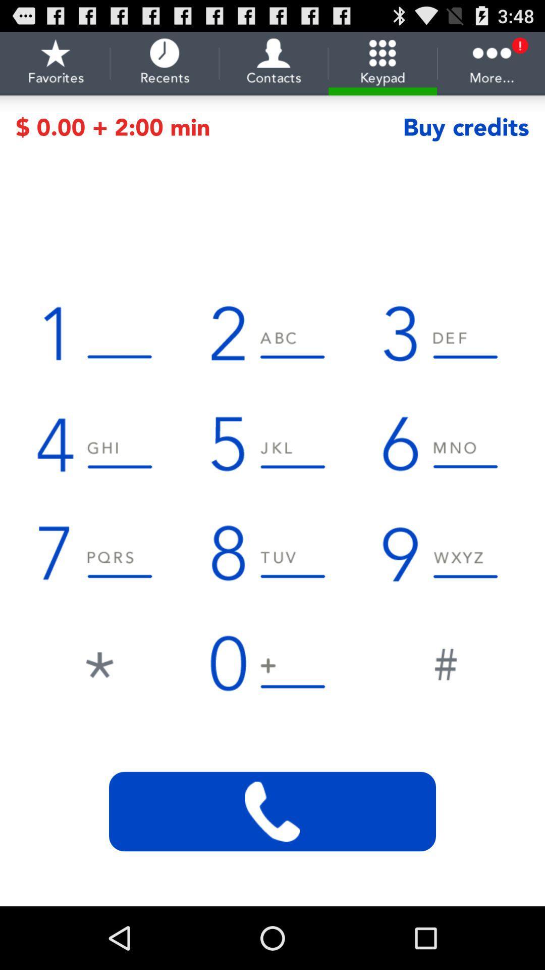  Describe the element at coordinates (272, 443) in the screenshot. I see `the digit 5 text jkl` at that location.